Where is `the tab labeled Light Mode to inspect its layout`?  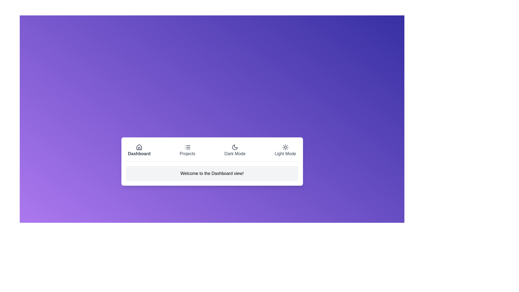
the tab labeled Light Mode to inspect its layout is located at coordinates (285, 150).